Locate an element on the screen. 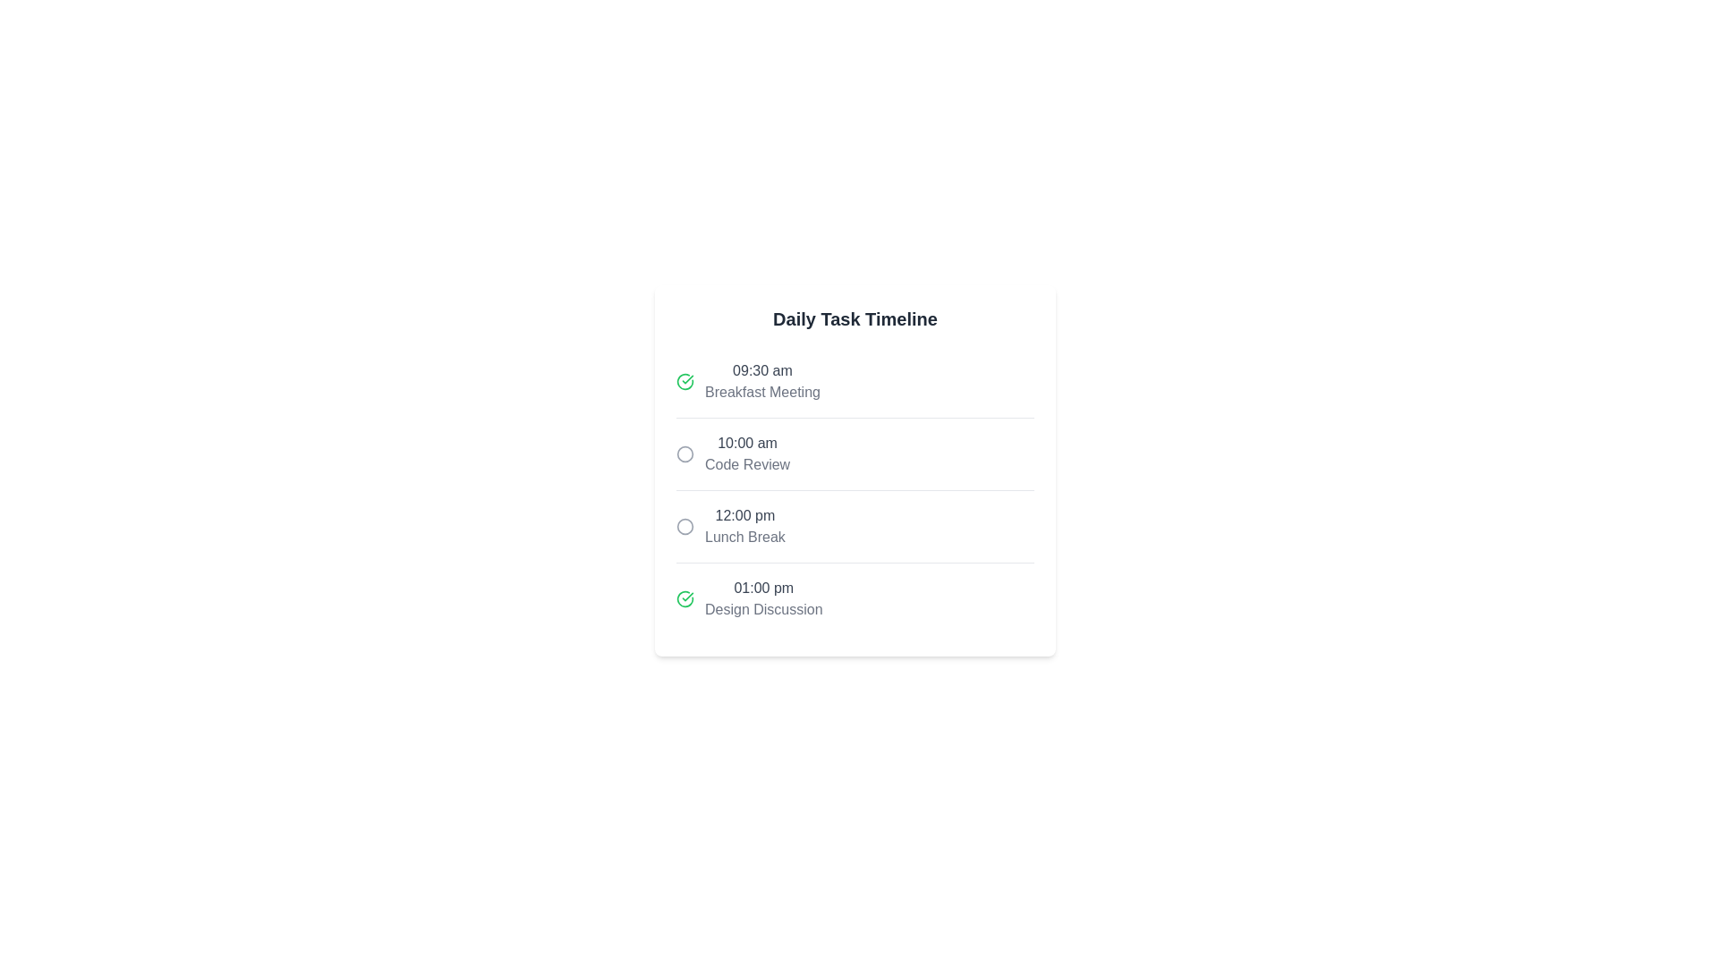 This screenshot has width=1718, height=966. the text label displaying the scheduled time '10:00 am Code Review' in the task timeline is located at coordinates (747, 443).